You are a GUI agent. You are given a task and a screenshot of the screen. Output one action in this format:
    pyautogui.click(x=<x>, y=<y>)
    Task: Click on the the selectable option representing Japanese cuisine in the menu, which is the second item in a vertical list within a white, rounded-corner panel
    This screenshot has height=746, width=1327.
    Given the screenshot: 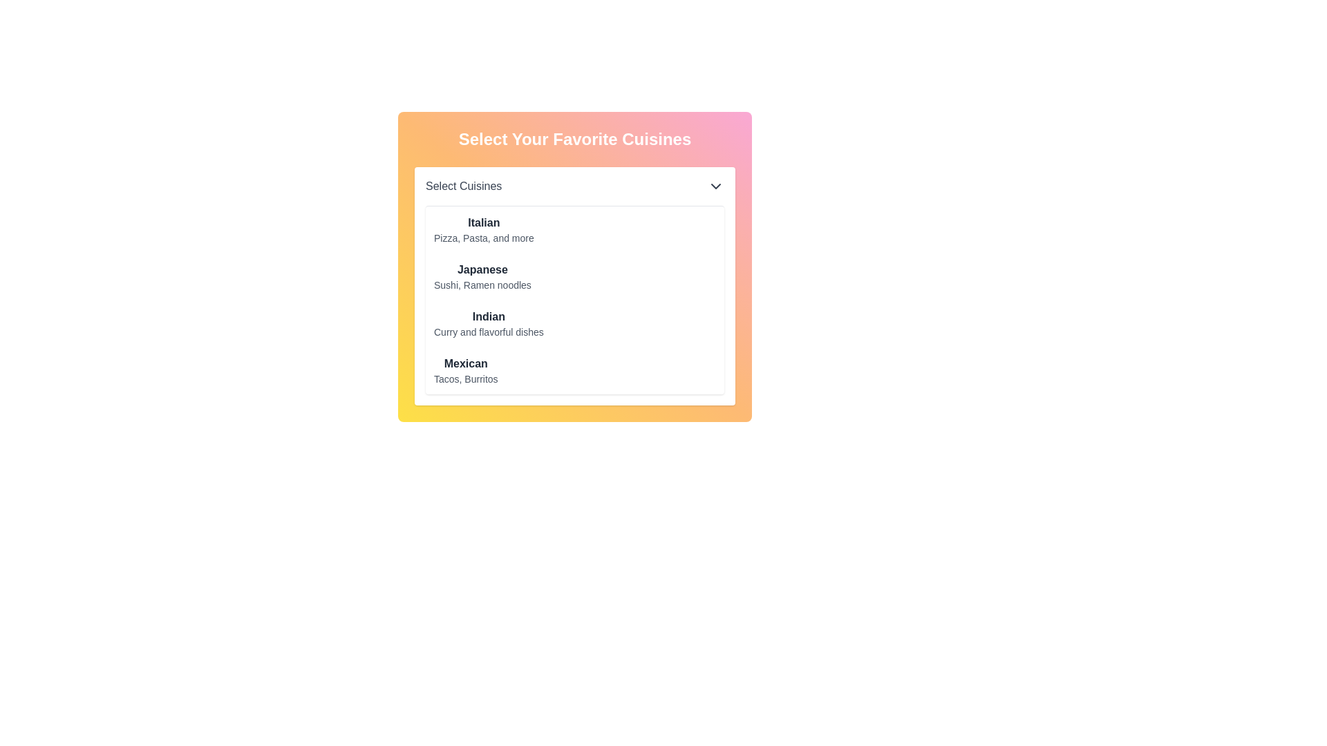 What is the action you would take?
    pyautogui.click(x=482, y=277)
    